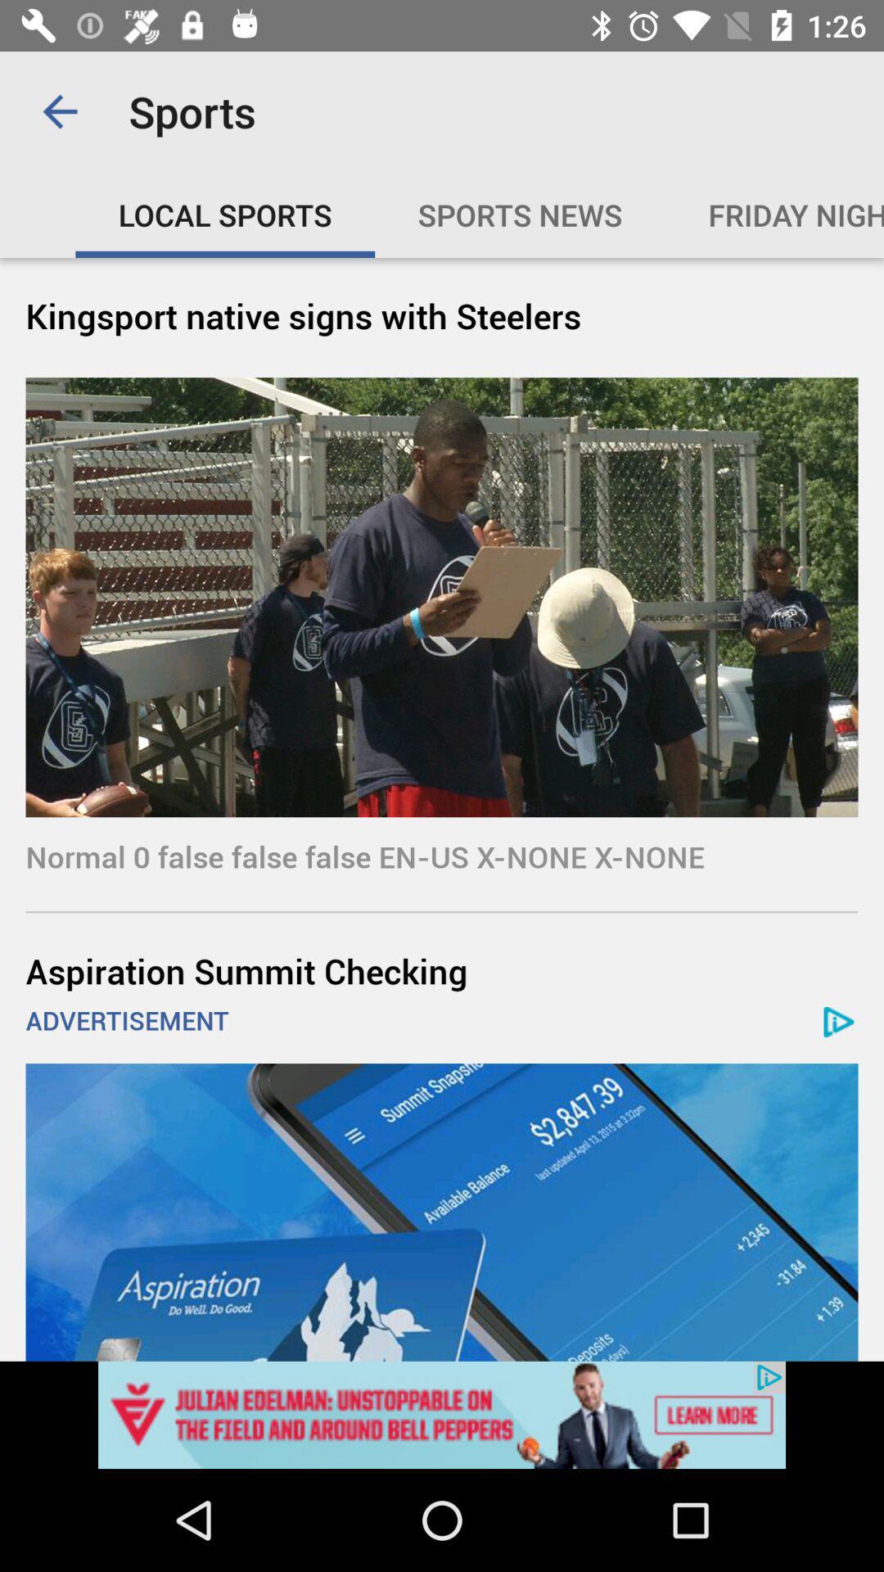 The height and width of the screenshot is (1572, 884). Describe the element at coordinates (442, 1414) in the screenshot. I see `news weather and sports in an instant` at that location.